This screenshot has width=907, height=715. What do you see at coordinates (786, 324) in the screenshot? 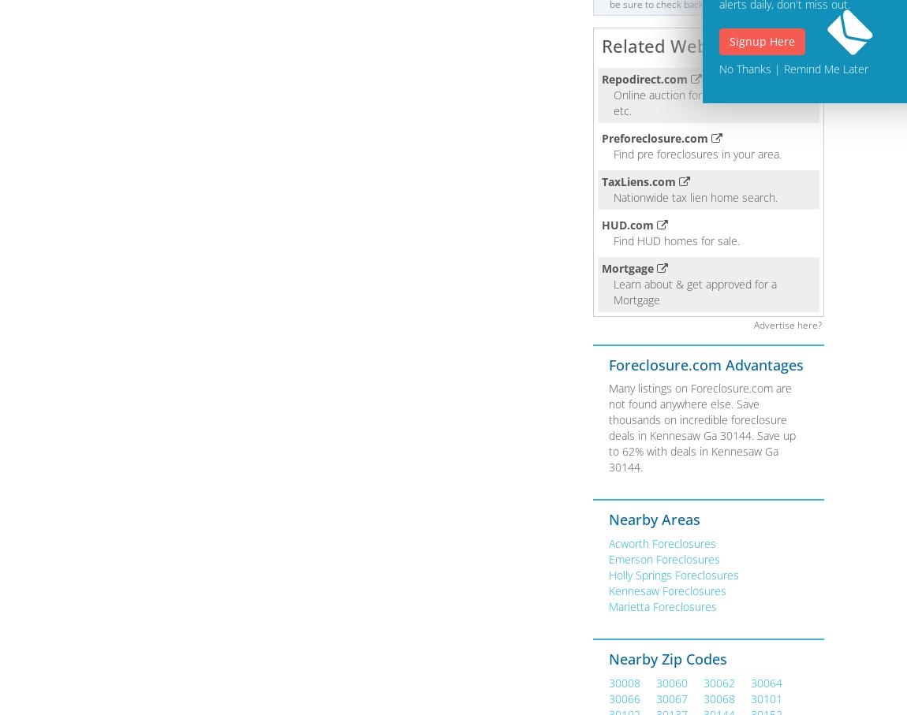
I see `'Advertise here?'` at bounding box center [786, 324].